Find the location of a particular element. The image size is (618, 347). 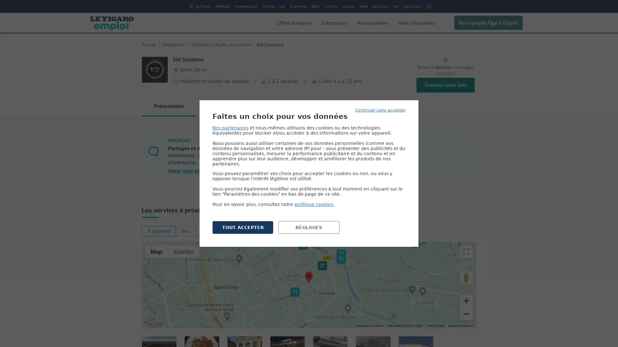

Maharaja is located at coordinates (341, 259).